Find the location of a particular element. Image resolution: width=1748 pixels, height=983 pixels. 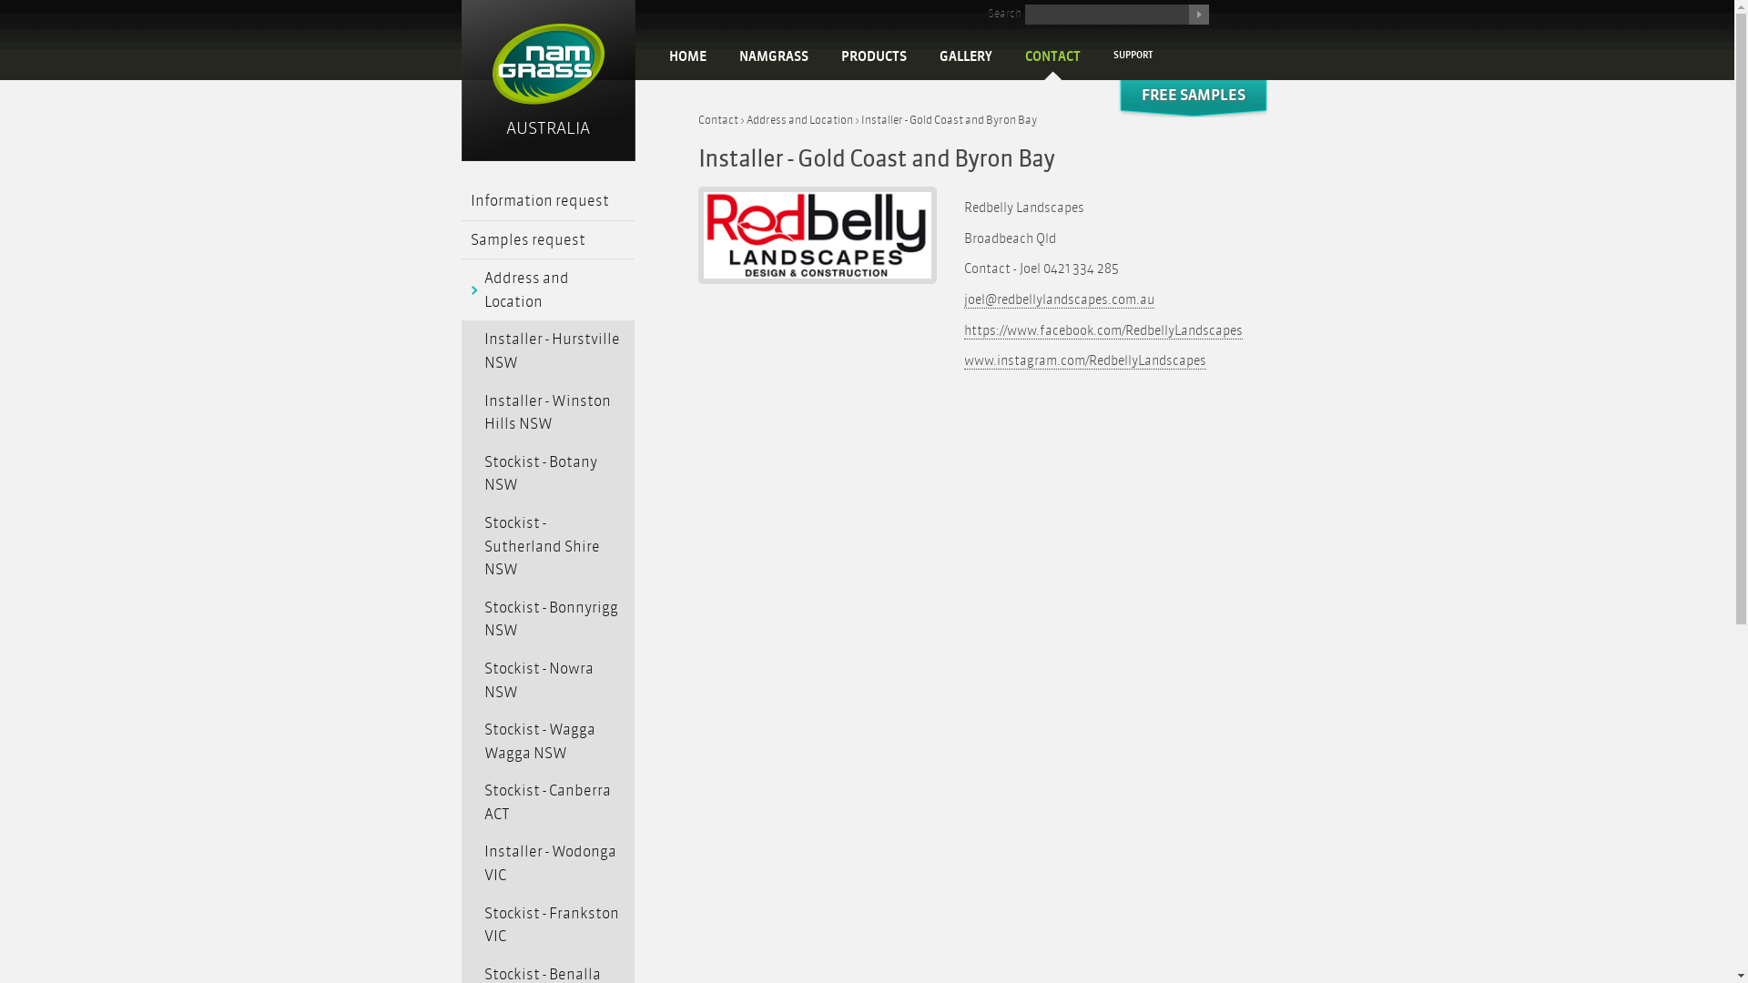

'Search' is located at coordinates (1198, 14).